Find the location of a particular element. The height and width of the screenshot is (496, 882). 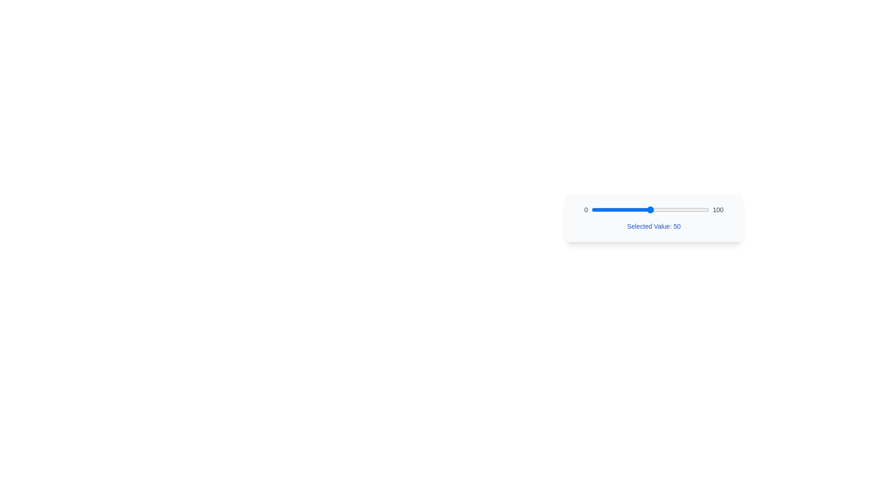

the slider to set its value to 14 is located at coordinates (608, 209).